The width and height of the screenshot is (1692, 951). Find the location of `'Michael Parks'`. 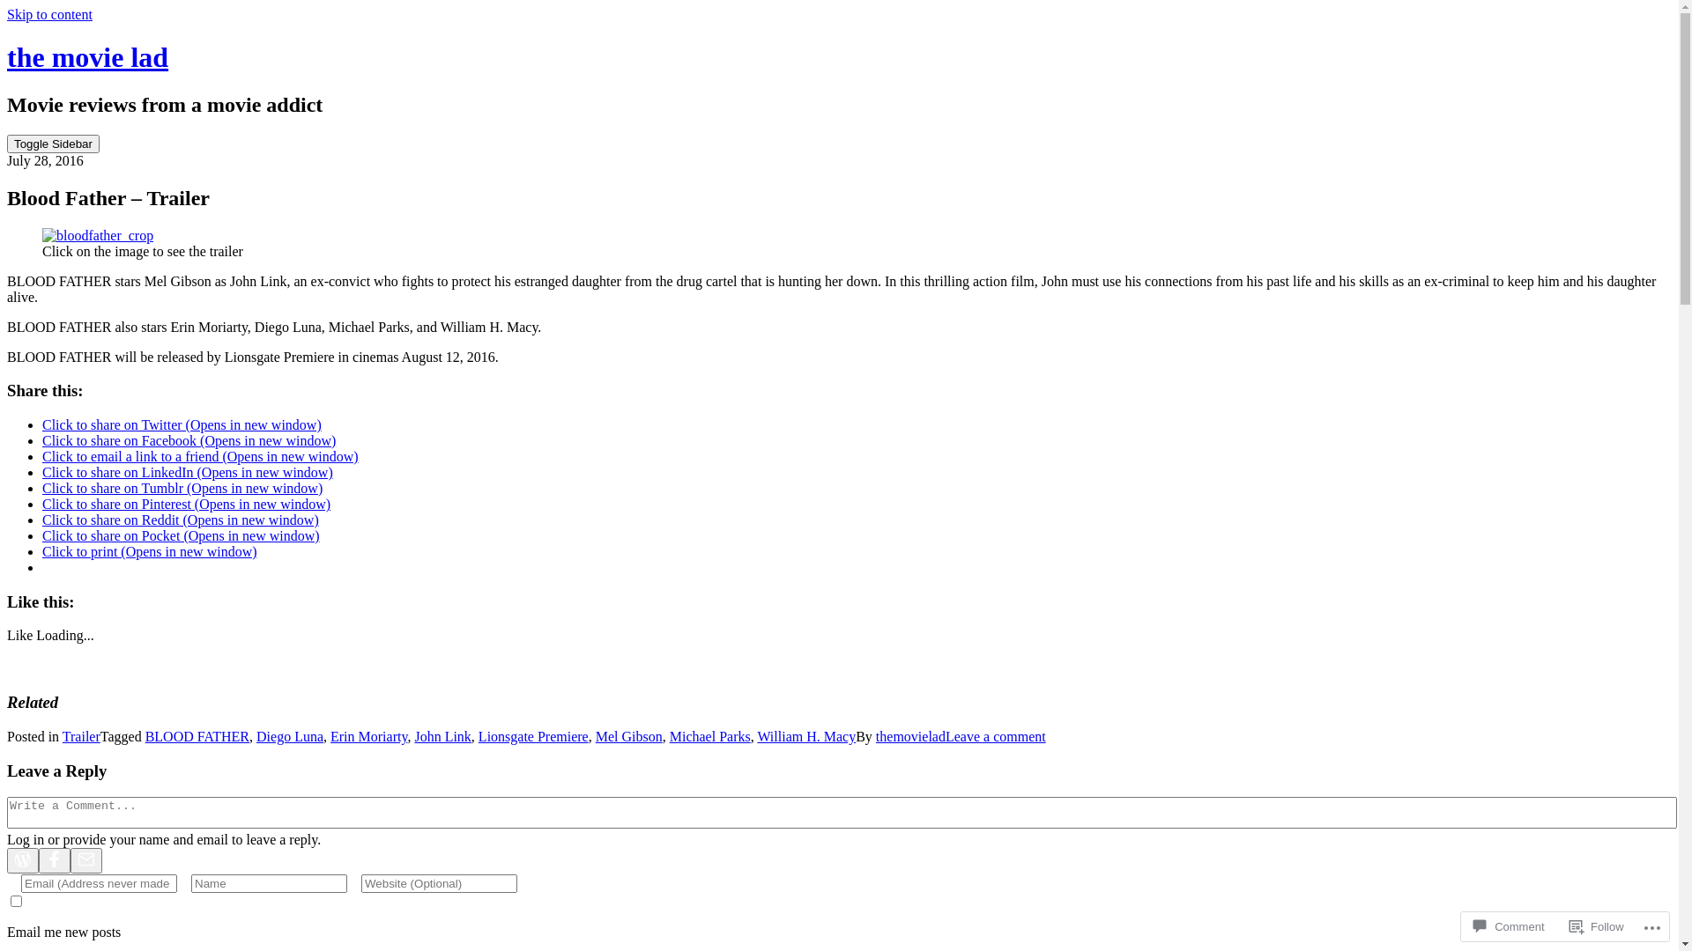

'Michael Parks' is located at coordinates (668, 736).